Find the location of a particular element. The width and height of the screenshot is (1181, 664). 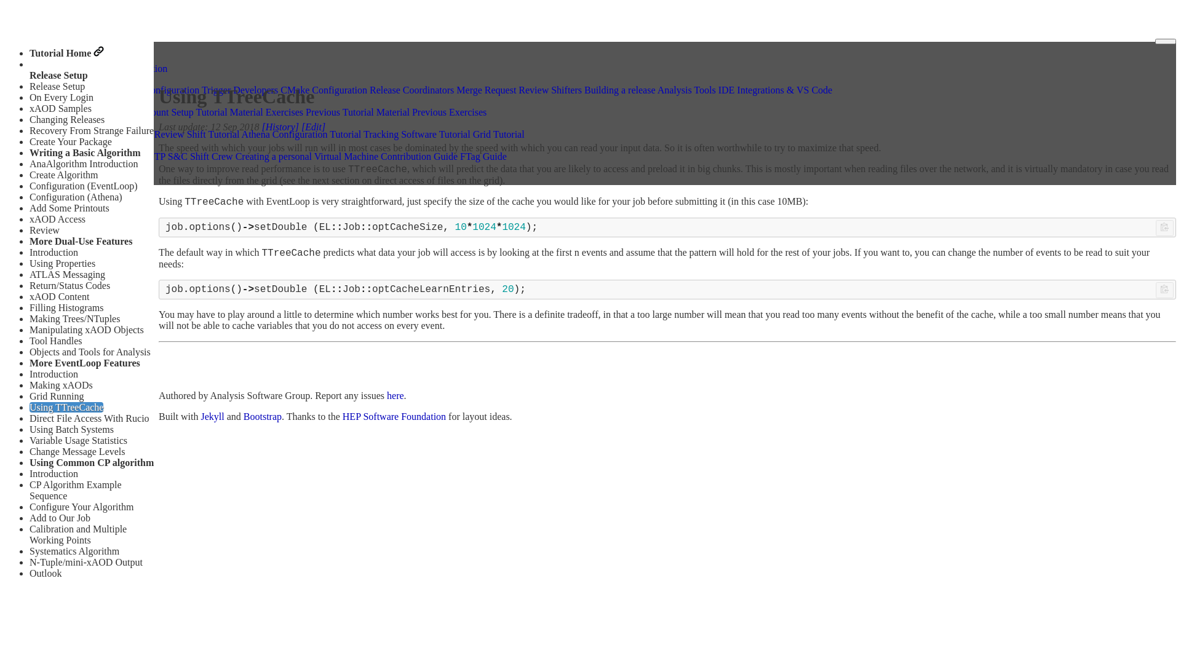

'On Every Login' is located at coordinates (61, 97).